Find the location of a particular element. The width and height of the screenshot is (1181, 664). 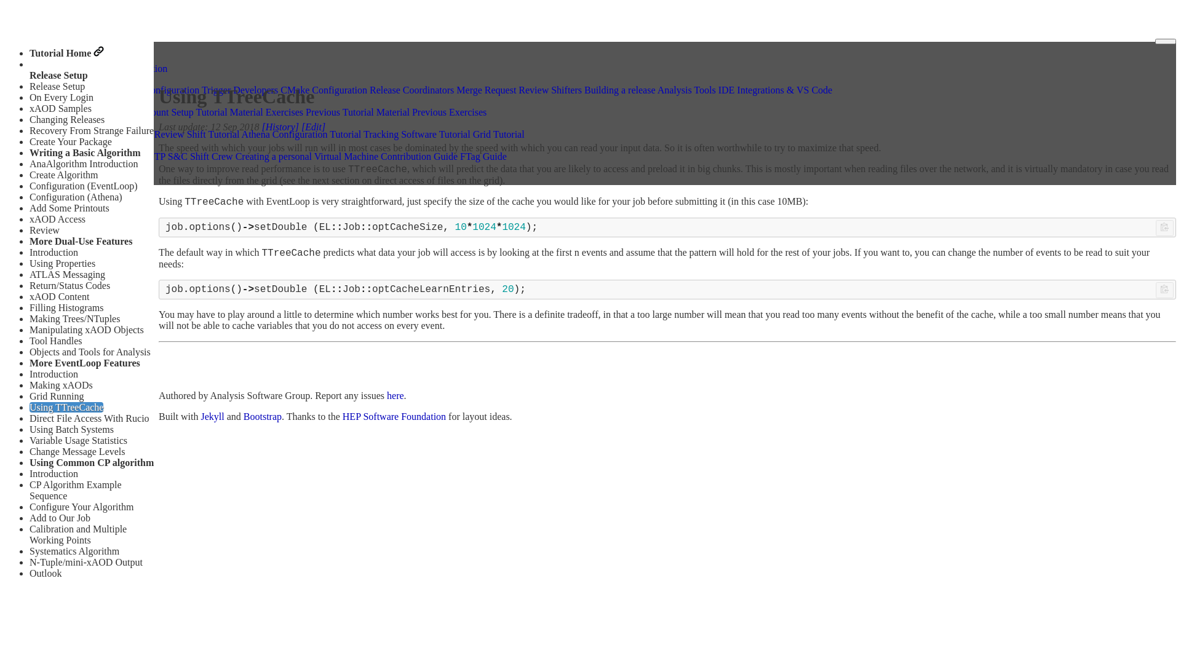

'On Every Login' is located at coordinates (61, 97).